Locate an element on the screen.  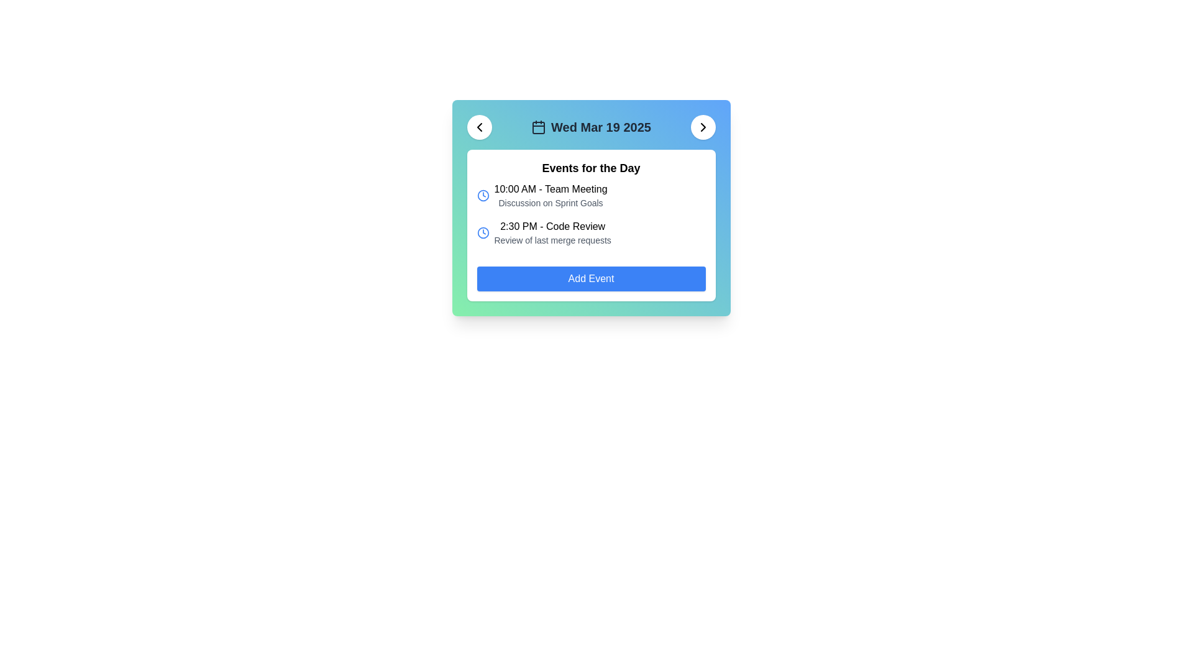
the clock icon that represents the '10:00 AM' event, aiding quick identification of the meeting time is located at coordinates (482, 196).